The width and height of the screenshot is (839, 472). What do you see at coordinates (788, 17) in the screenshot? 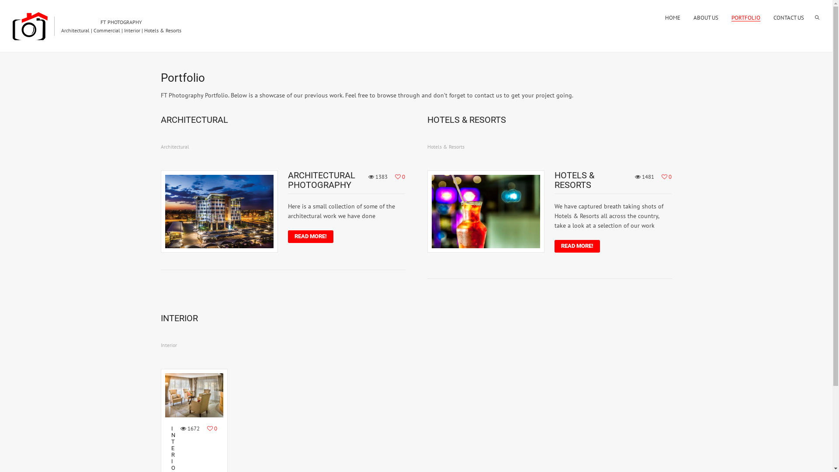
I see `'CONTACT US'` at bounding box center [788, 17].